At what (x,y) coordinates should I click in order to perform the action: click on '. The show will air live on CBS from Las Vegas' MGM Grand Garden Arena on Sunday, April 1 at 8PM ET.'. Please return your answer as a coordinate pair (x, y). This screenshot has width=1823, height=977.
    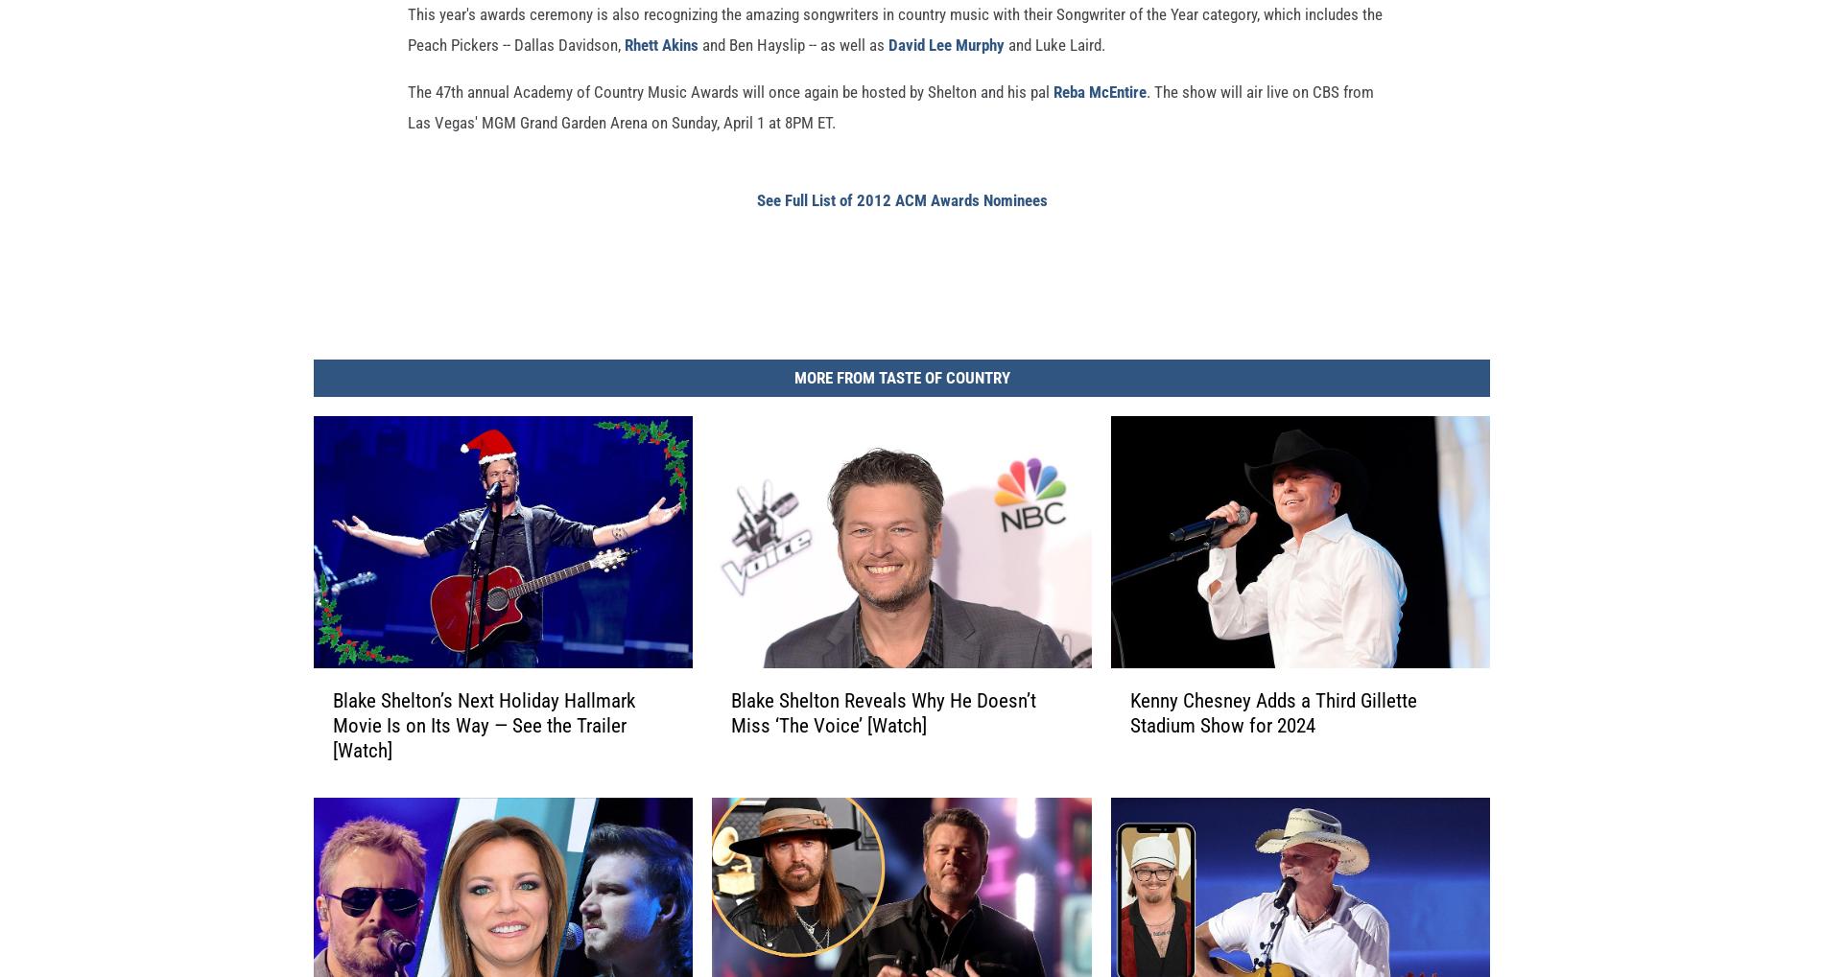
    Looking at the image, I should click on (889, 137).